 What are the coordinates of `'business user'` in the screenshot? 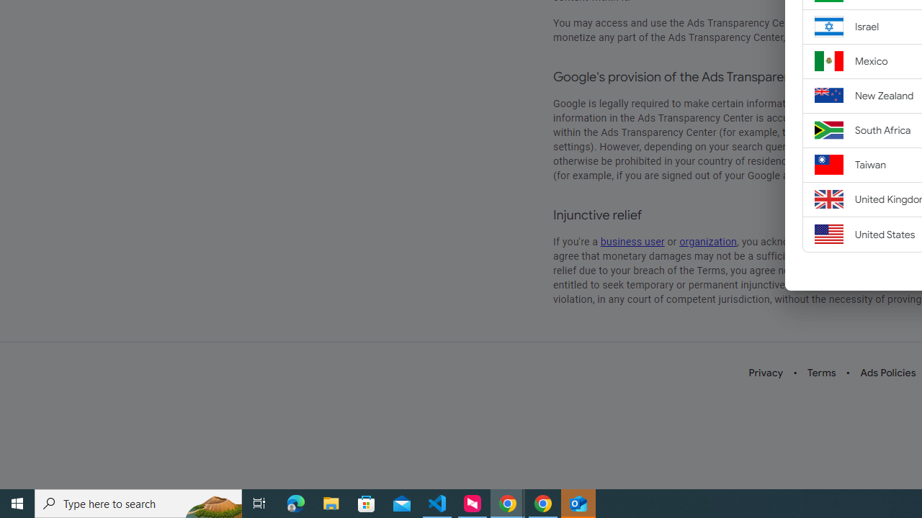 It's located at (632, 241).